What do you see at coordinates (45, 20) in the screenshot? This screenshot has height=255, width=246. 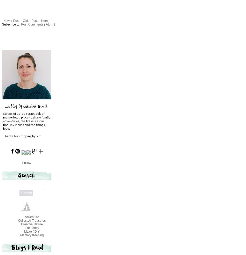 I see `'Home'` at bounding box center [45, 20].